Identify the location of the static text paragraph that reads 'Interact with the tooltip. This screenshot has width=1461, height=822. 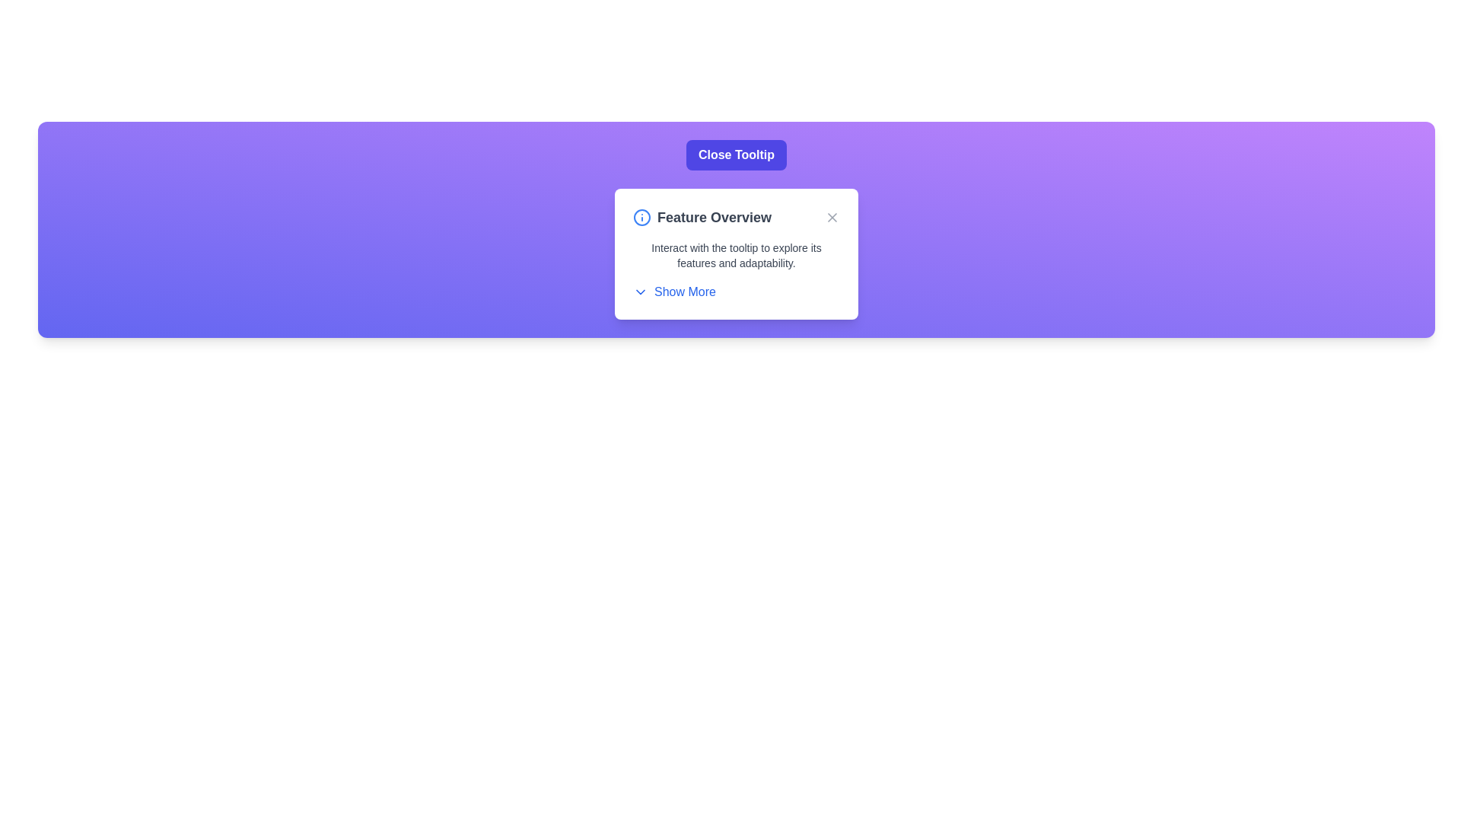
(737, 254).